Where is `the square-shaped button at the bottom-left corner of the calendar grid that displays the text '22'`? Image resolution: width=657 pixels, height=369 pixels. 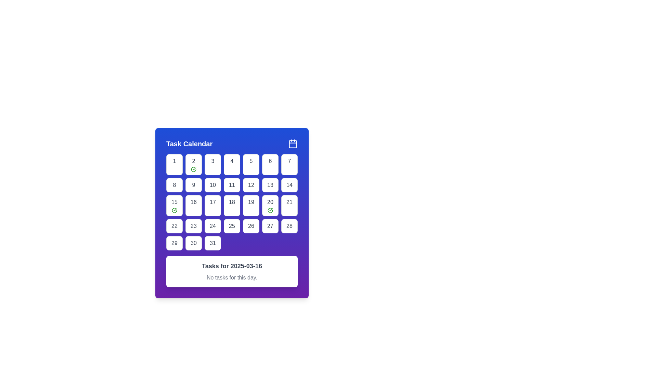 the square-shaped button at the bottom-left corner of the calendar grid that displays the text '22' is located at coordinates (174, 226).